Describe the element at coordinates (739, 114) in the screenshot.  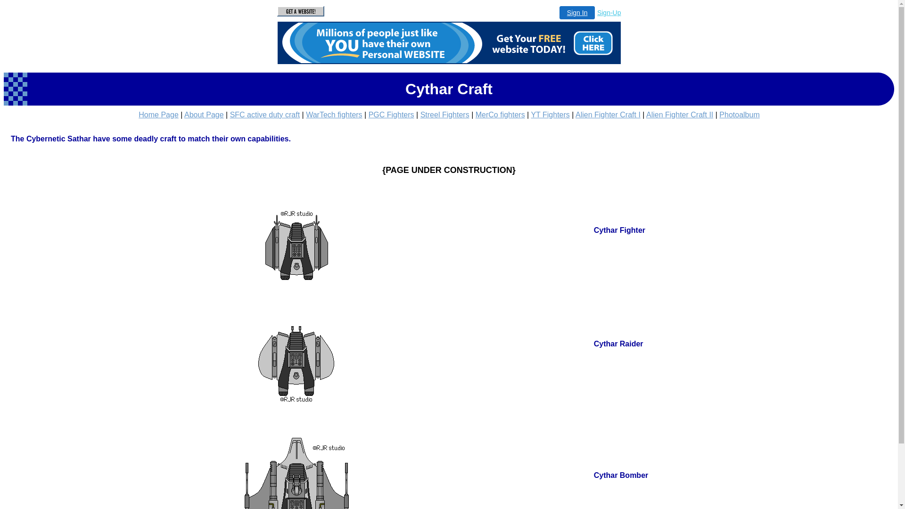
I see `'Photoalbum'` at that location.